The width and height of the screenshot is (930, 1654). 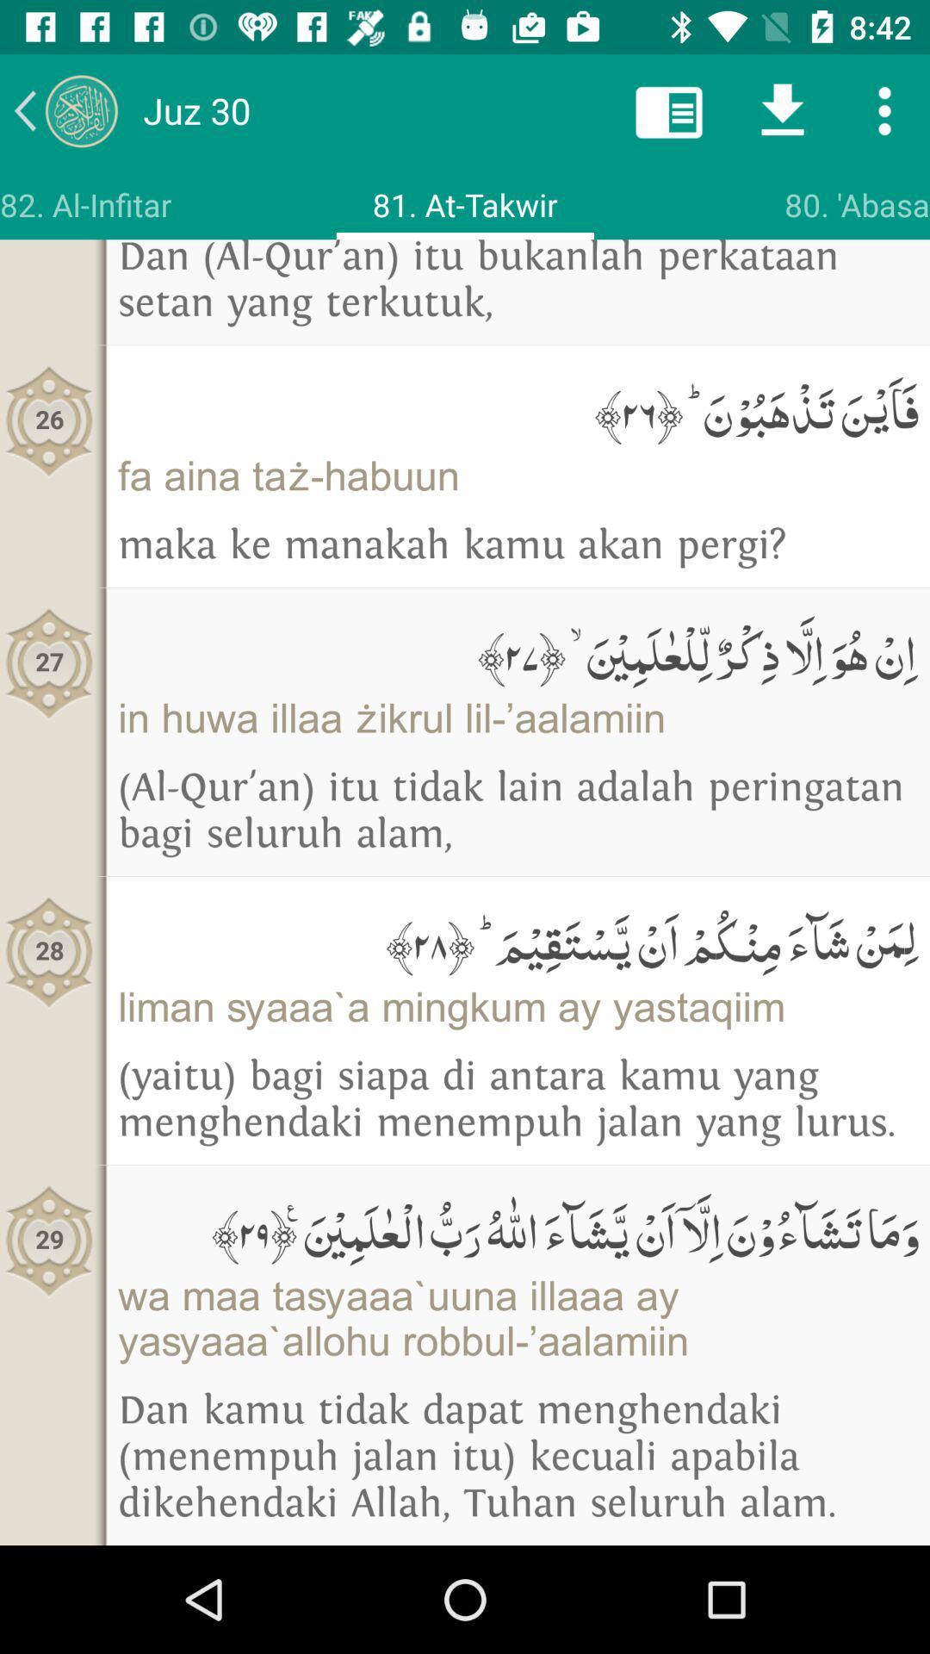 I want to click on icon next to the 29 item, so click(x=517, y=1228).